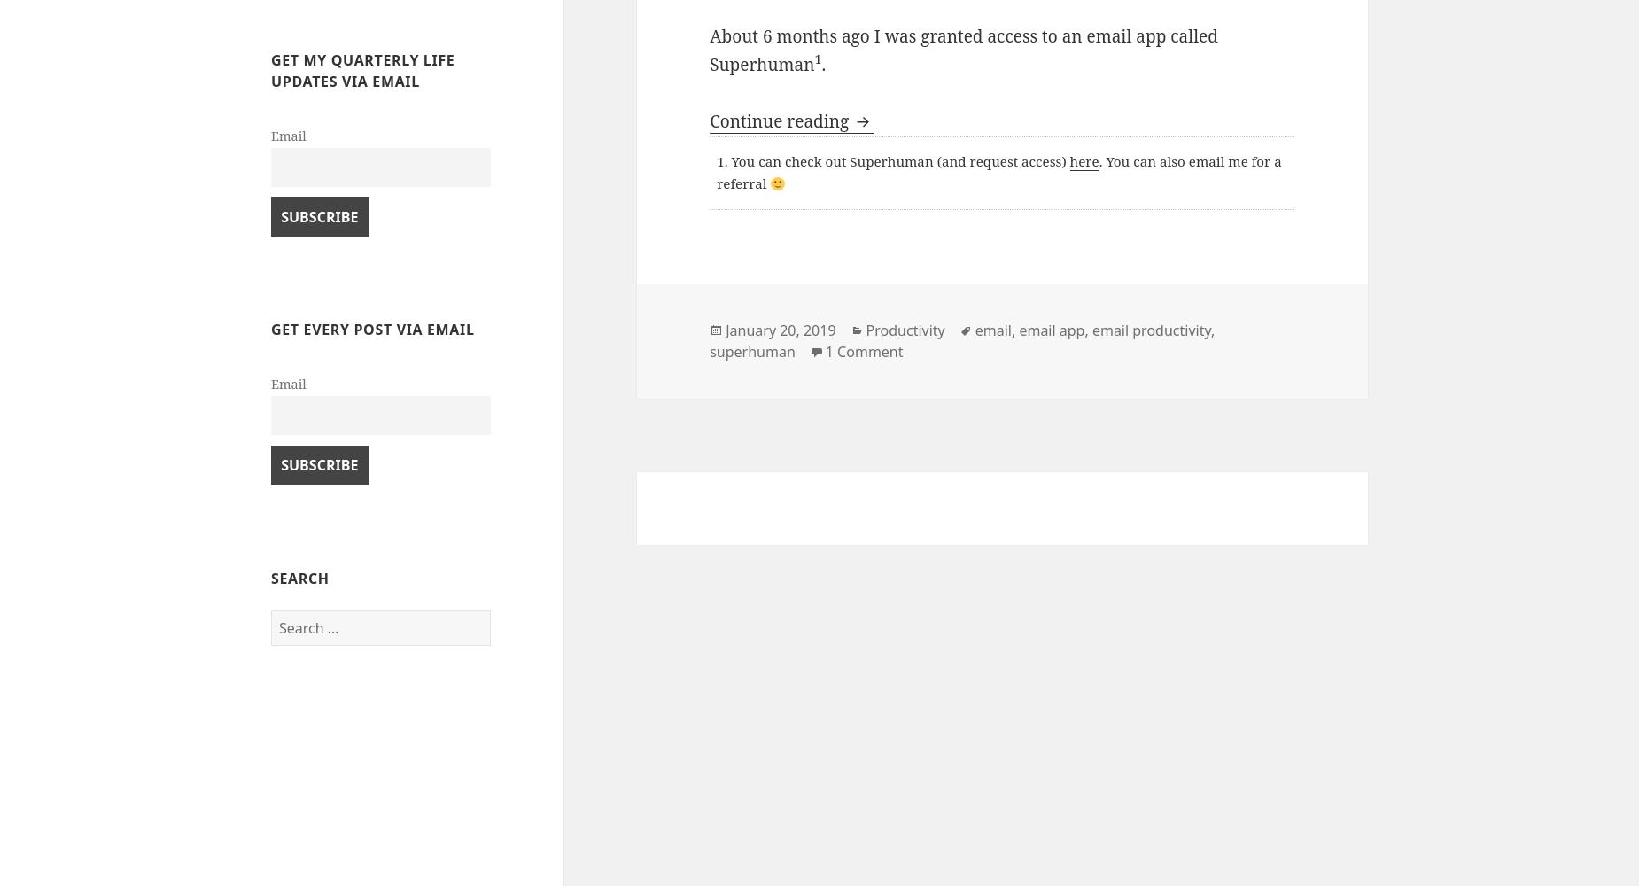 This screenshot has height=886, width=1639. What do you see at coordinates (781, 120) in the screenshot?
I see `'Continue reading'` at bounding box center [781, 120].